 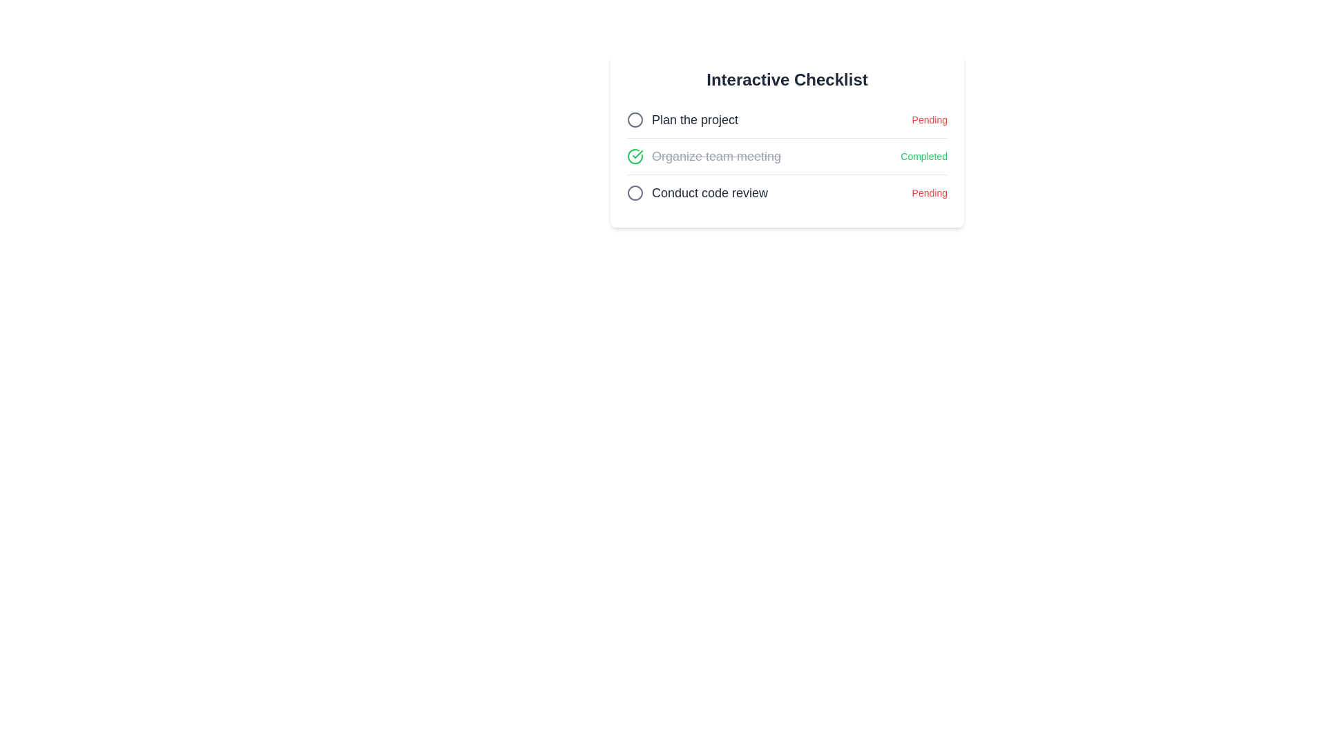 What do you see at coordinates (709, 193) in the screenshot?
I see `the descriptive label of the third task in the checklist` at bounding box center [709, 193].